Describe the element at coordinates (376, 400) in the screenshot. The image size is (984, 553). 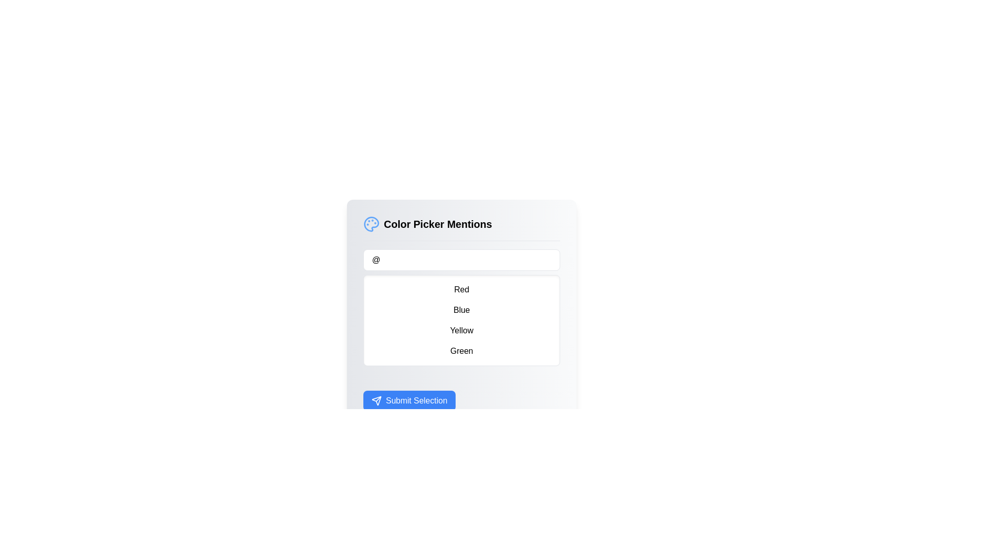
I see `the 'Submit Selection' button that contains the SVG send icon, located at the bottom left of the interface` at that location.